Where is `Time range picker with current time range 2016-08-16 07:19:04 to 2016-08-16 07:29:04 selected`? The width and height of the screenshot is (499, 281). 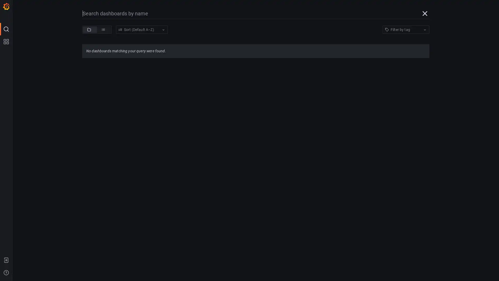
Time range picker with current time range 2016-08-16 07:19:04 to 2016-08-16 07:29:04 selected is located at coordinates (400, 8).